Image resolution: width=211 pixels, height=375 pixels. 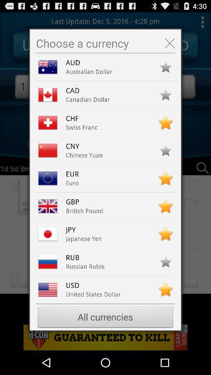 I want to click on the item below the canadian dollar app, so click(x=74, y=118).